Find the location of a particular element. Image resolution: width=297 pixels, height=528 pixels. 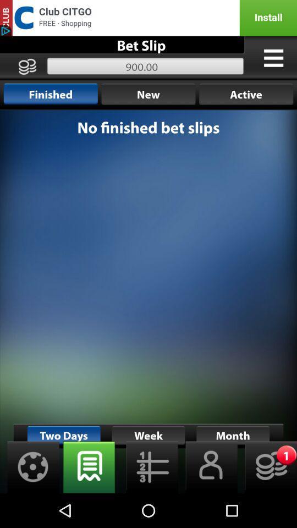

sightings is located at coordinates (30, 466).